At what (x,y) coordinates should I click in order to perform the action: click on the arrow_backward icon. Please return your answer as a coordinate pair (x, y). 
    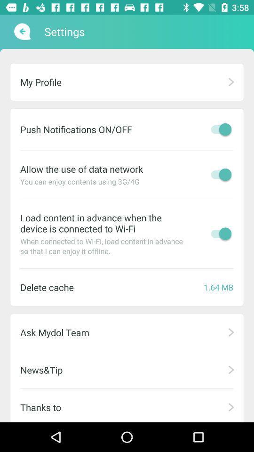
    Looking at the image, I should click on (21, 32).